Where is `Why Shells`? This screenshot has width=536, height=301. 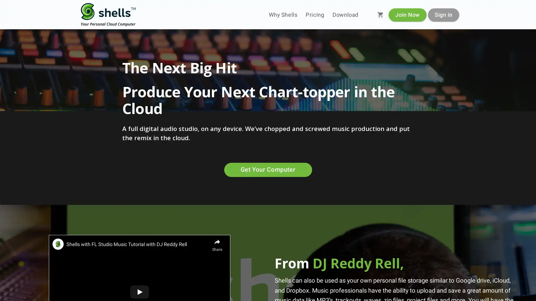
Why Shells is located at coordinates (283, 14).